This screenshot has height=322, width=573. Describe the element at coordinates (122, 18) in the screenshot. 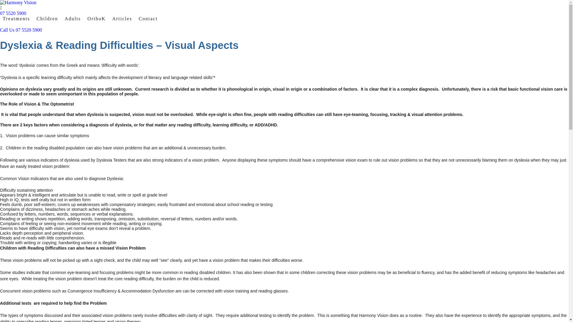

I see `'Articles'` at that location.